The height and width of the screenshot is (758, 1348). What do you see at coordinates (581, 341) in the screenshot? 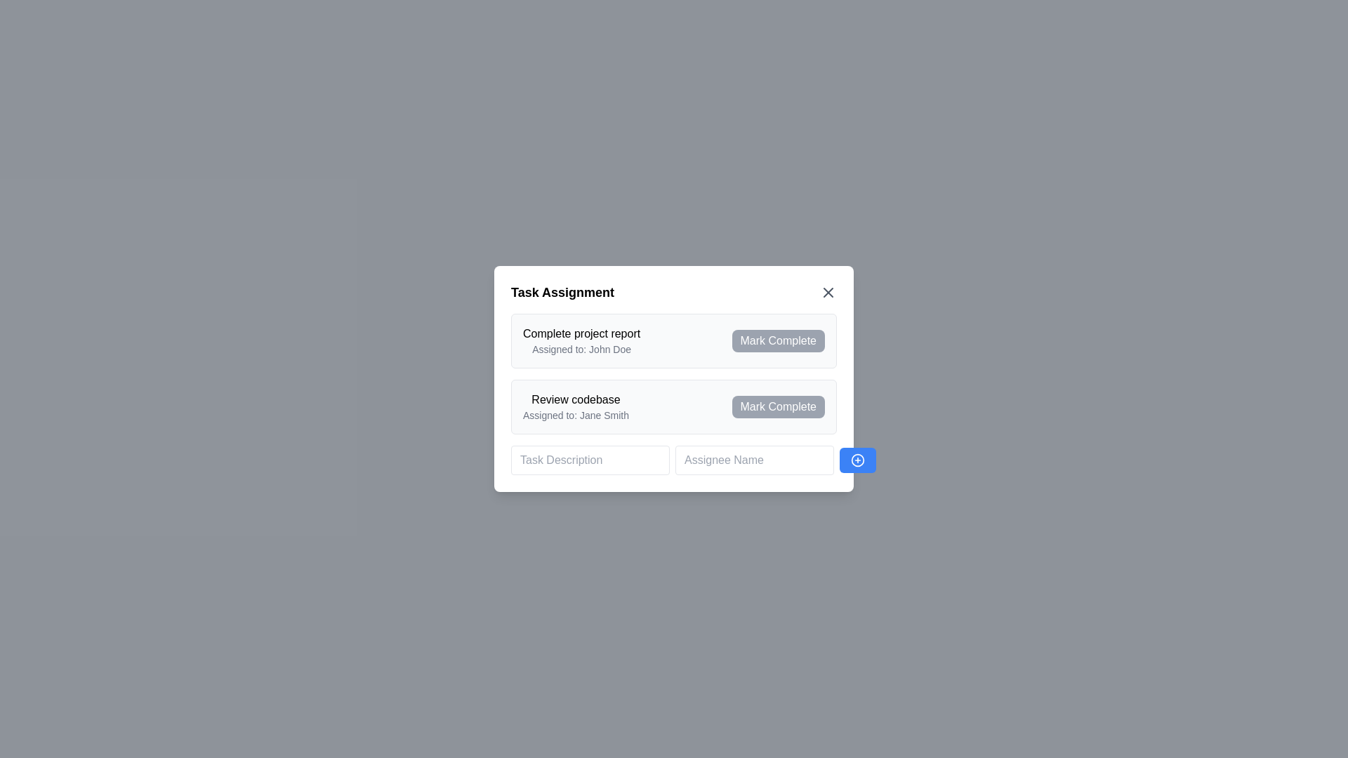
I see `the text display element that shows the title and assignee information for a specific task, which is located above the 'Mark Complete' button in the task card layout` at bounding box center [581, 341].